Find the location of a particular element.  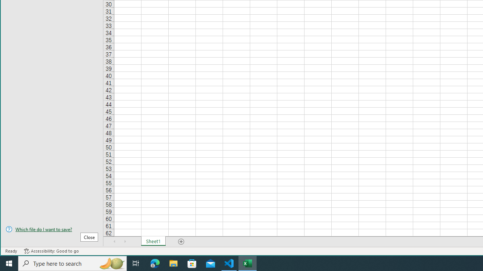

'Microsoft Edge' is located at coordinates (155, 263).